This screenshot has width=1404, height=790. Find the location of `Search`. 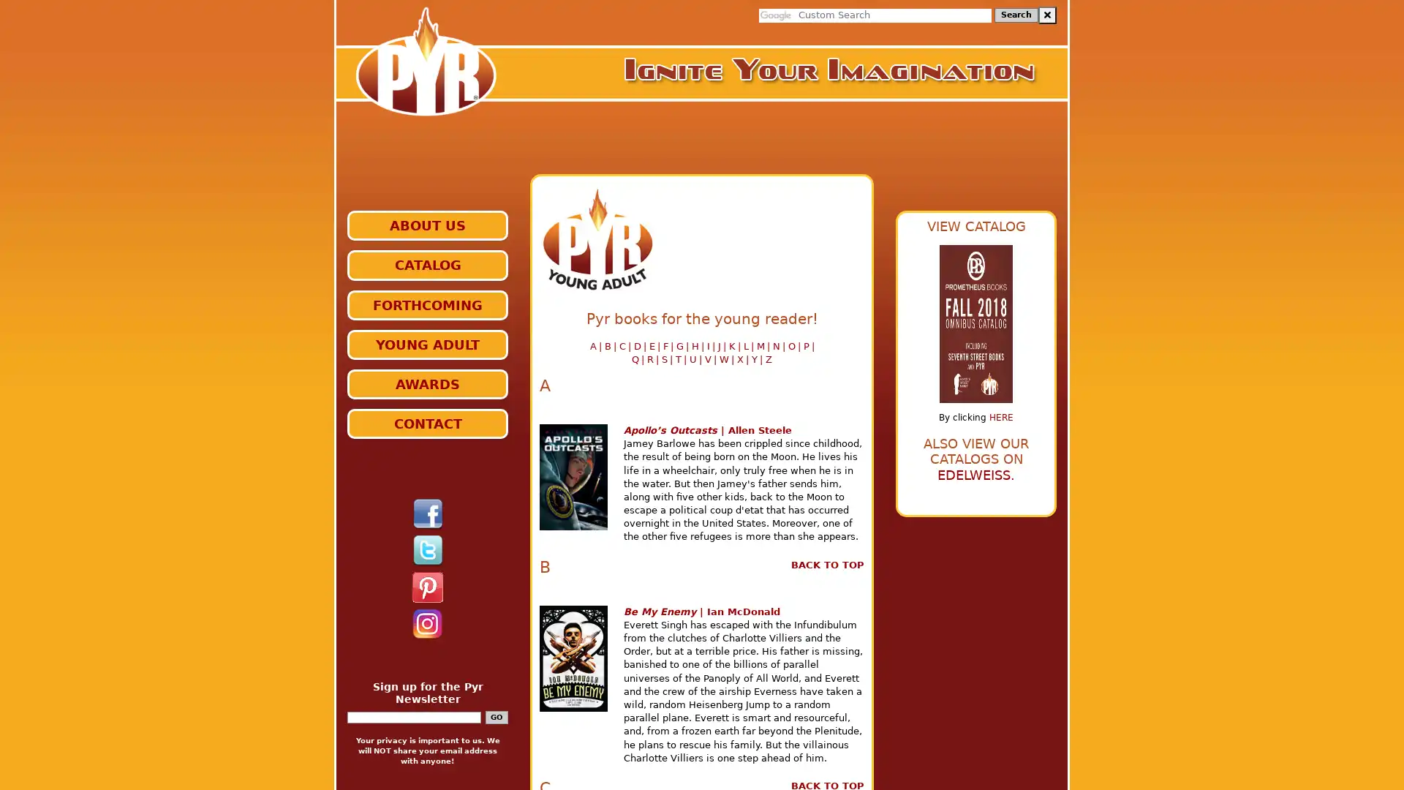

Search is located at coordinates (1016, 15).